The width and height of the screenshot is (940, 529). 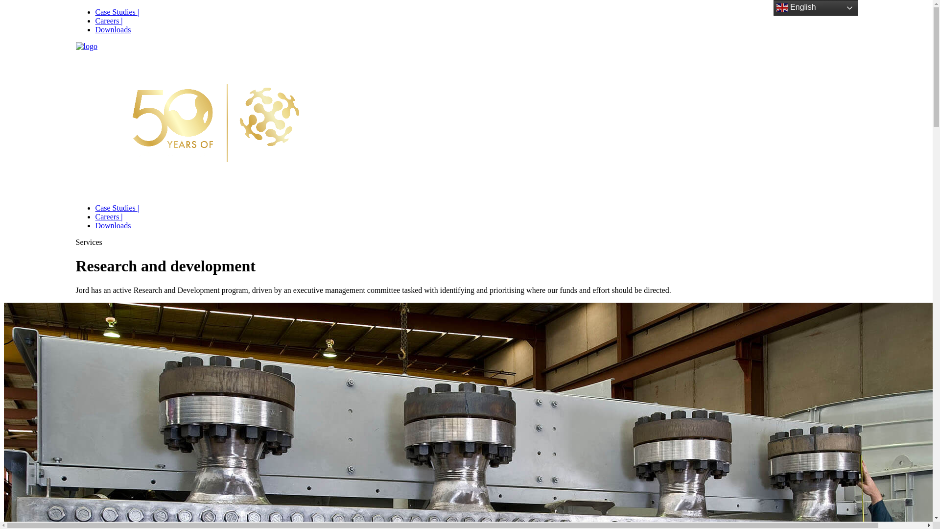 What do you see at coordinates (117, 12) in the screenshot?
I see `'Case Studies |'` at bounding box center [117, 12].